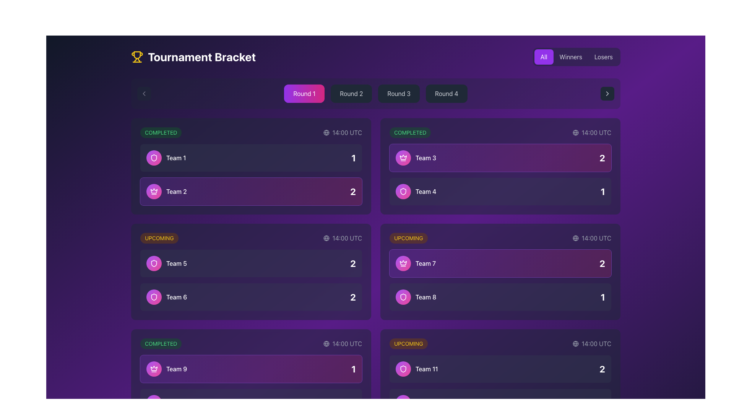 The width and height of the screenshot is (734, 413). Describe the element at coordinates (416, 157) in the screenshot. I see `the 'Team 3' text label with a crowned icon on the left` at that location.